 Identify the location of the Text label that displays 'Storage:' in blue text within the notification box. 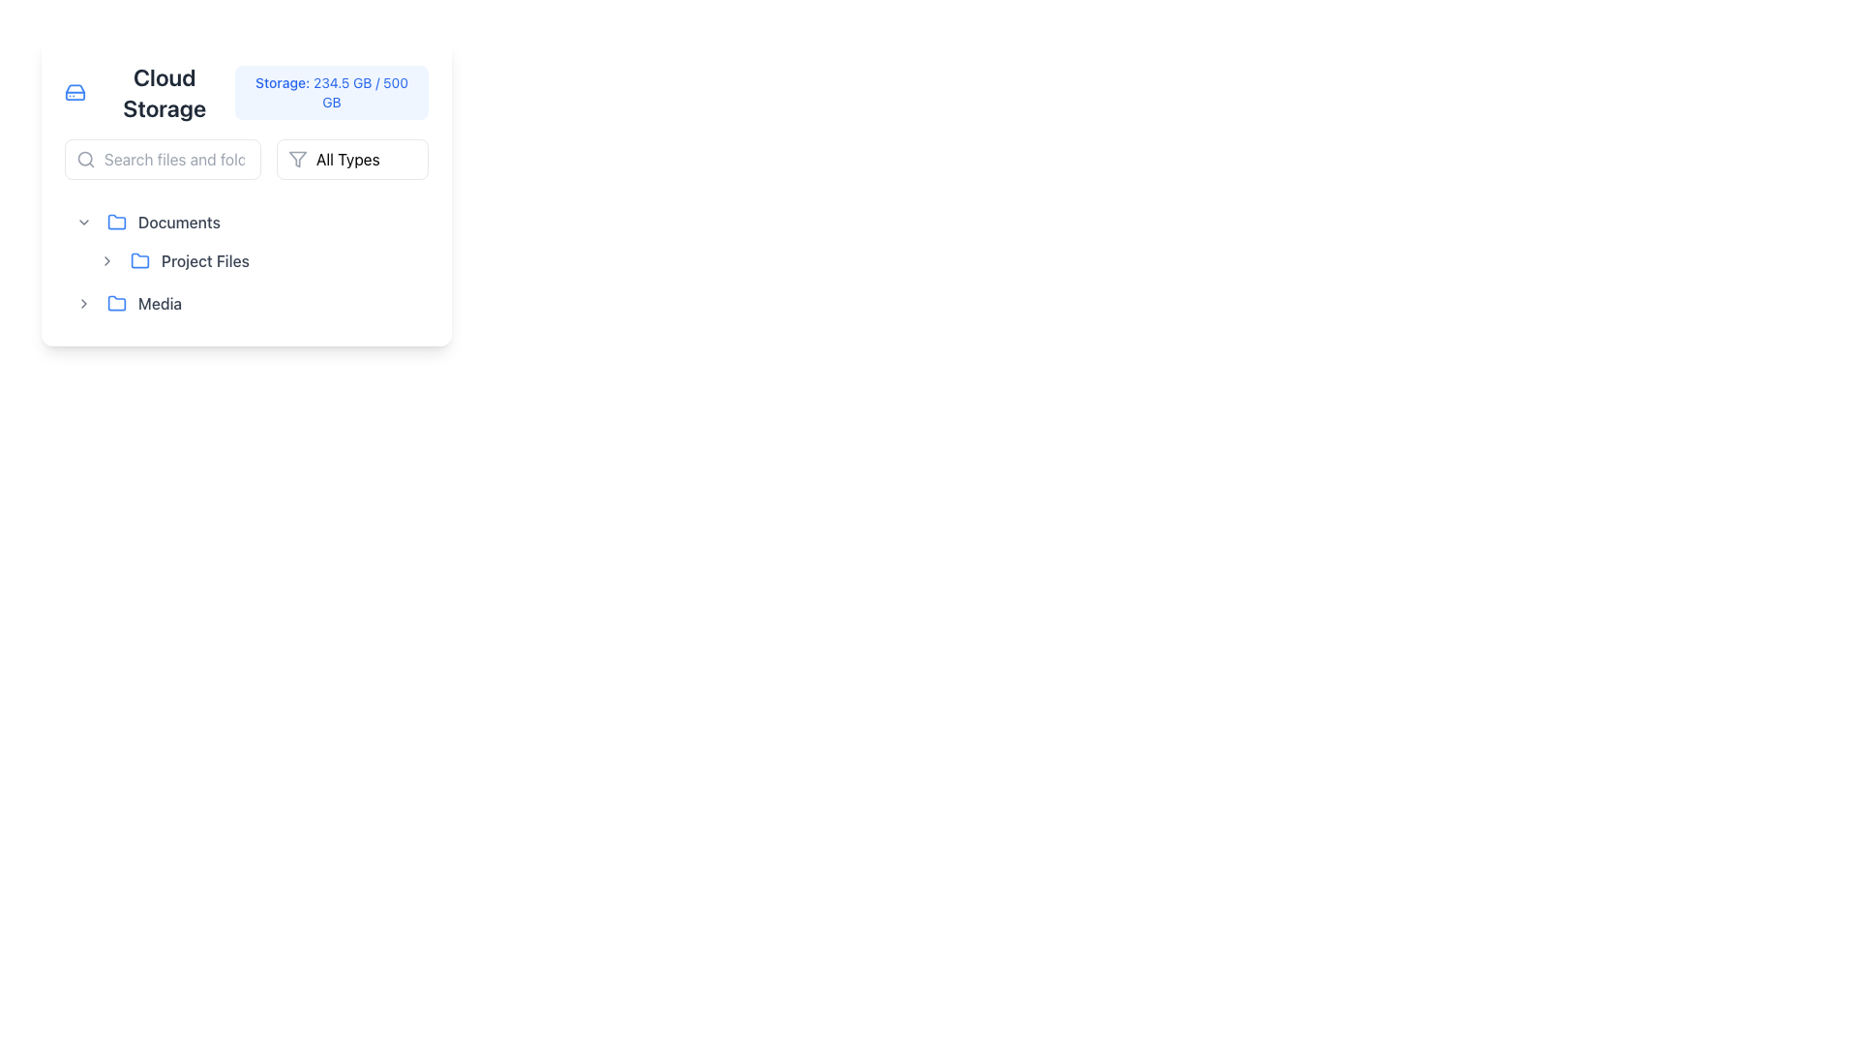
(283, 81).